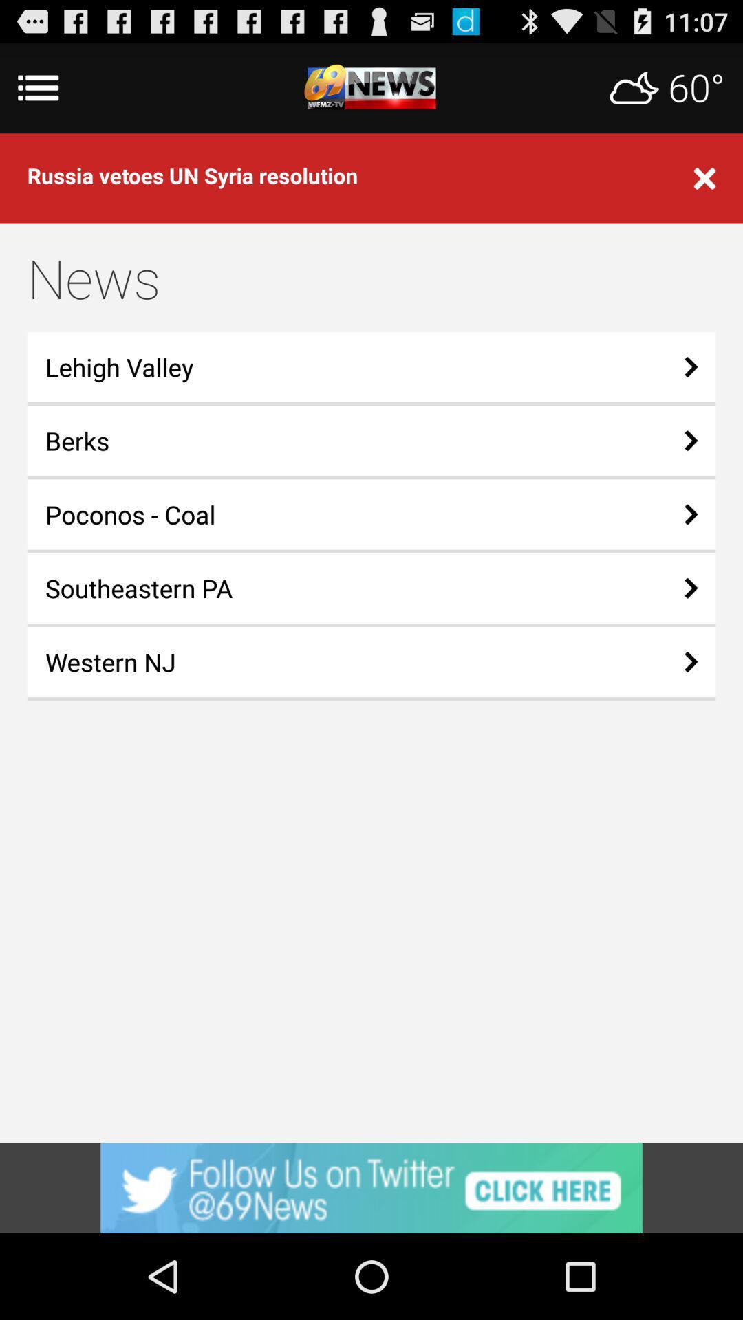 The image size is (743, 1320). Describe the element at coordinates (371, 1187) in the screenshot. I see `go to their twitter` at that location.